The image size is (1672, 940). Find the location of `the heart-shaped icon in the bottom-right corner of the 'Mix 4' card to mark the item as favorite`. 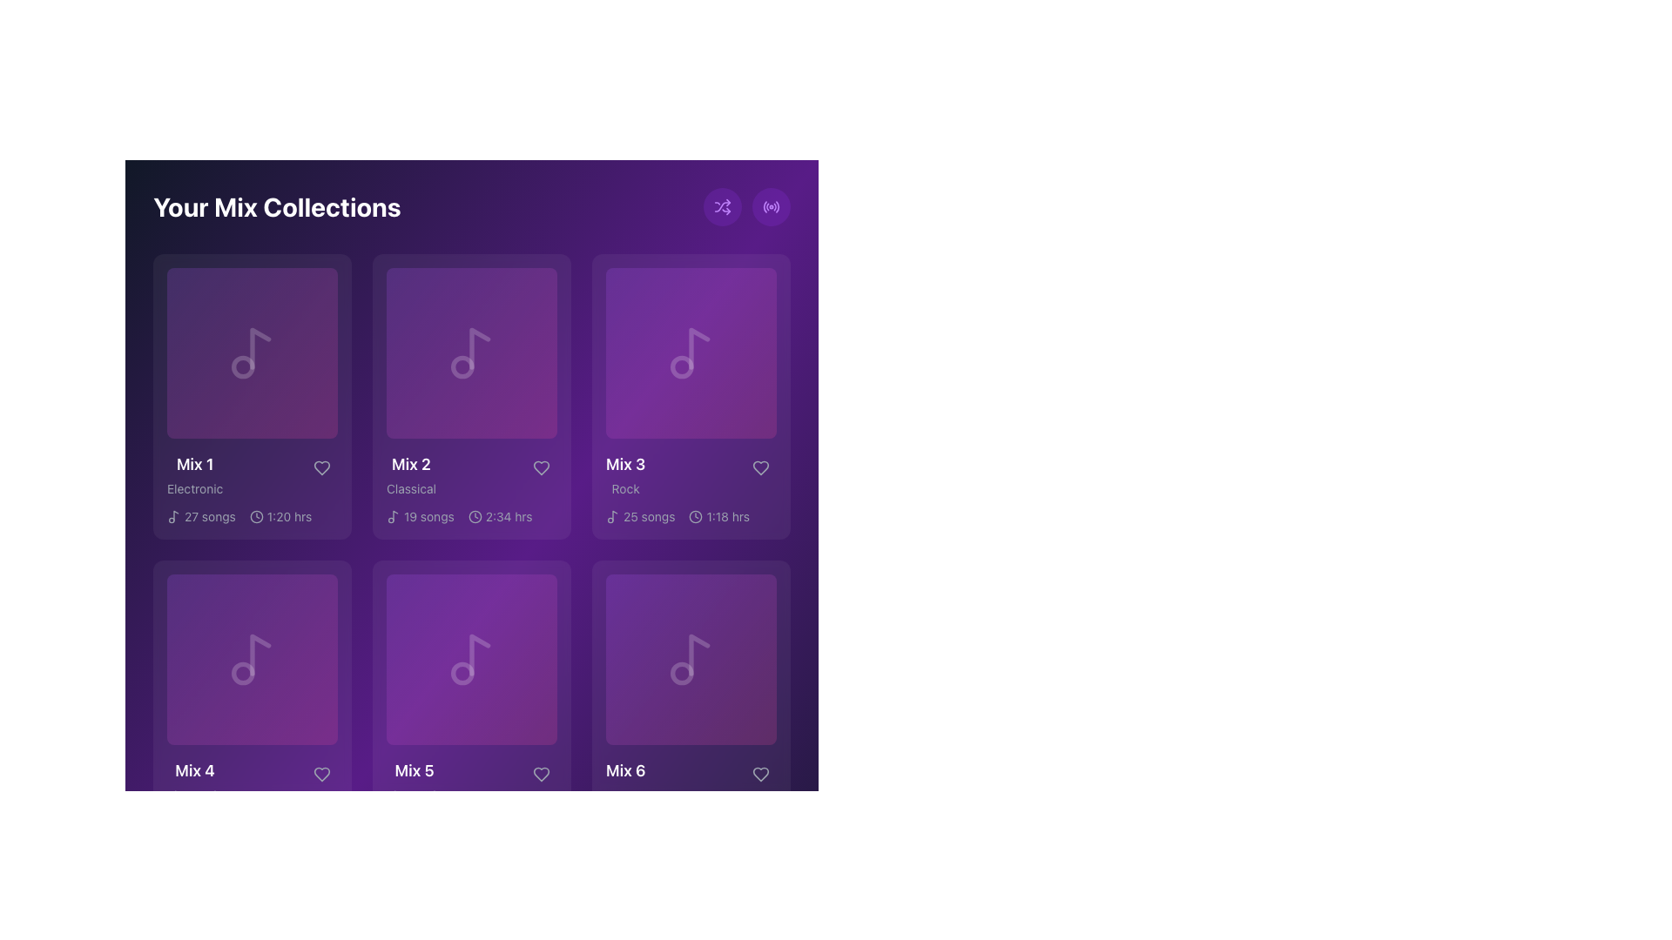

the heart-shaped icon in the bottom-right corner of the 'Mix 4' card to mark the item as favorite is located at coordinates (321, 774).